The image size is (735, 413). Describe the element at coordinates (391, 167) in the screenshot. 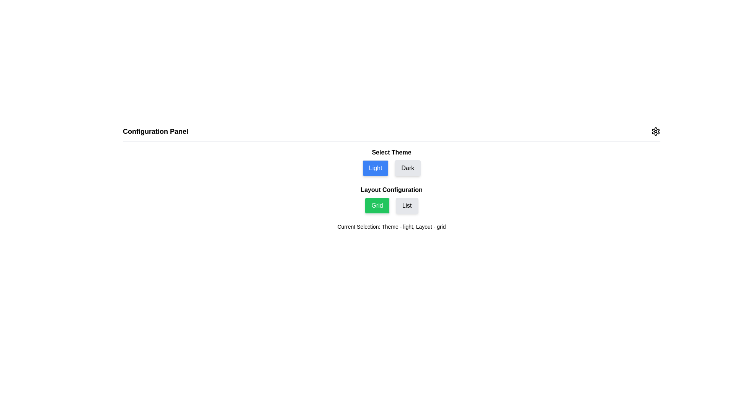

I see `the 'Light' button in the theme selection button group` at that location.